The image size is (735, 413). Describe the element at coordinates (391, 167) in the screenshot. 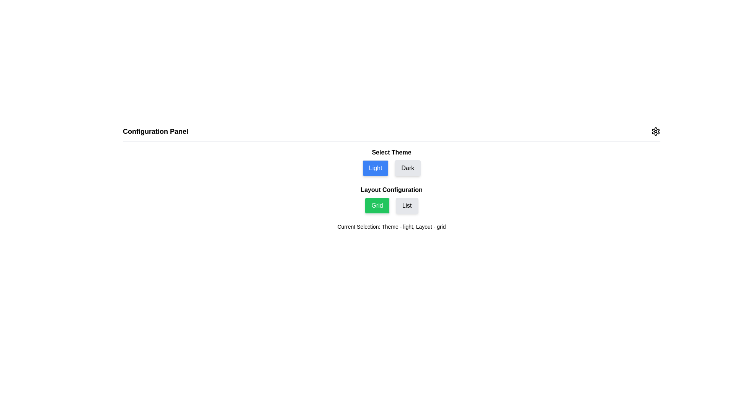

I see `the 'Light' button in the theme selection button group` at that location.